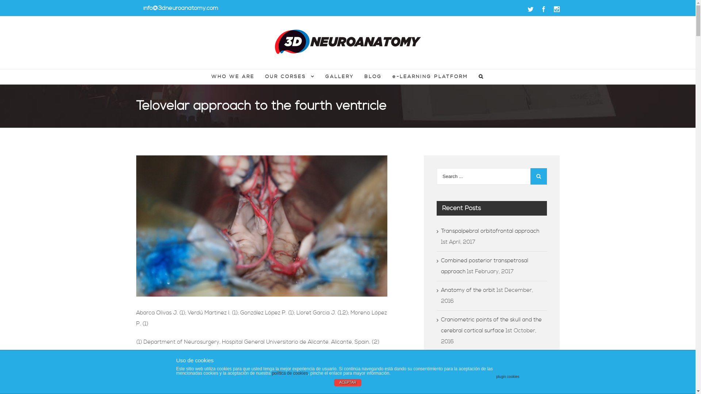 This screenshot has width=701, height=394. I want to click on 'e-LEARNING PLATFORM', so click(430, 76).